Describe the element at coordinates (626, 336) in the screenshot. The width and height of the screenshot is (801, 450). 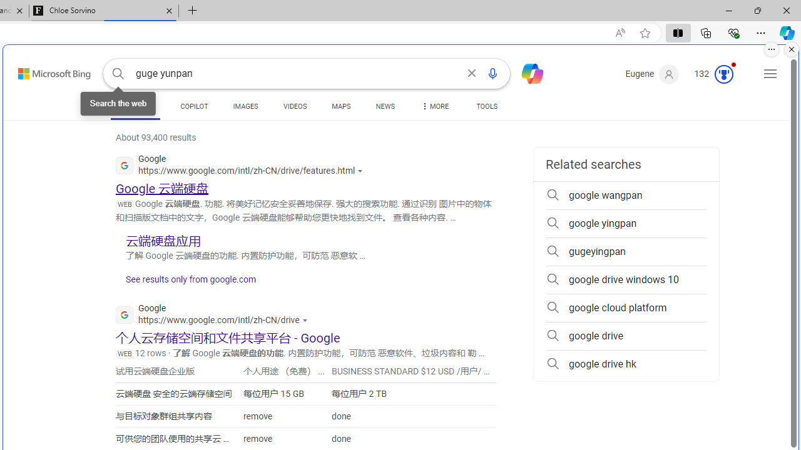
I see `'google drive'` at that location.